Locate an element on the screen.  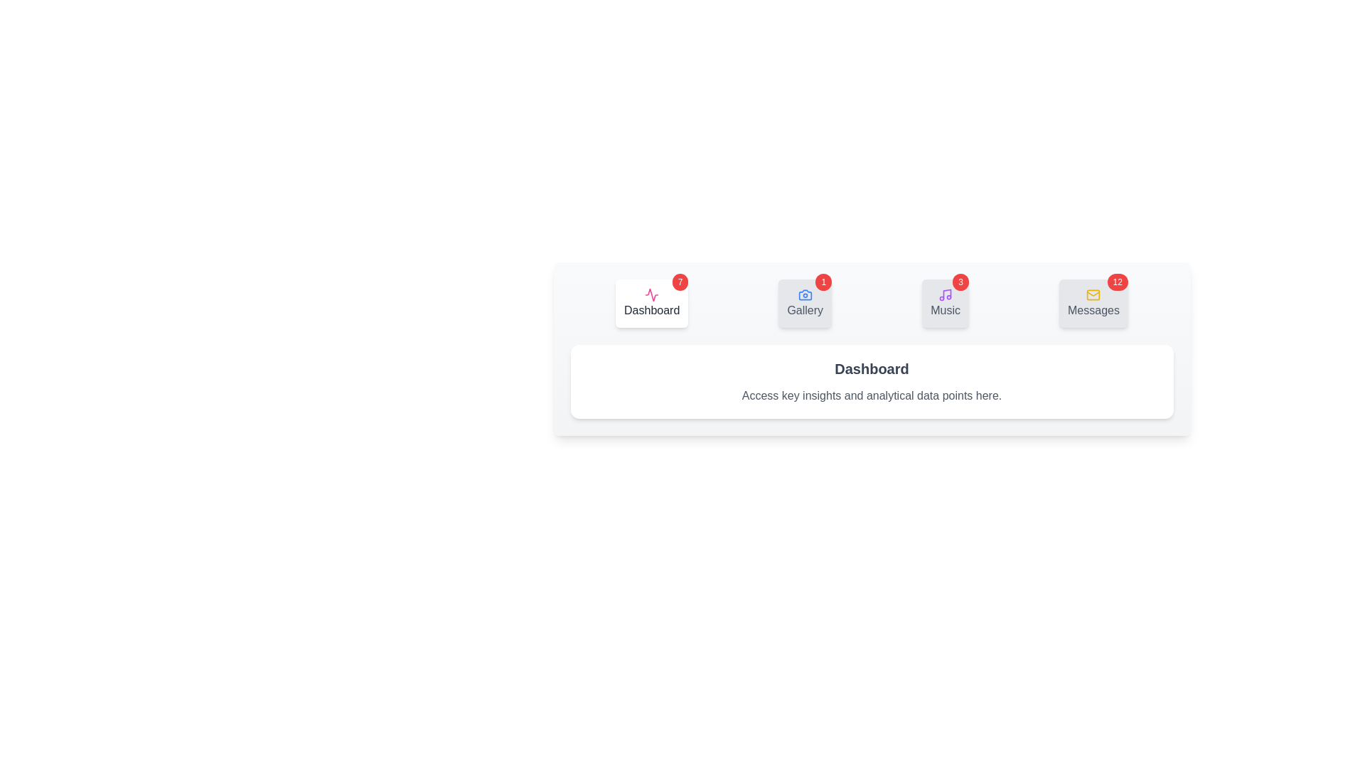
the tab labeled Gallery to view its content is located at coordinates (805, 303).